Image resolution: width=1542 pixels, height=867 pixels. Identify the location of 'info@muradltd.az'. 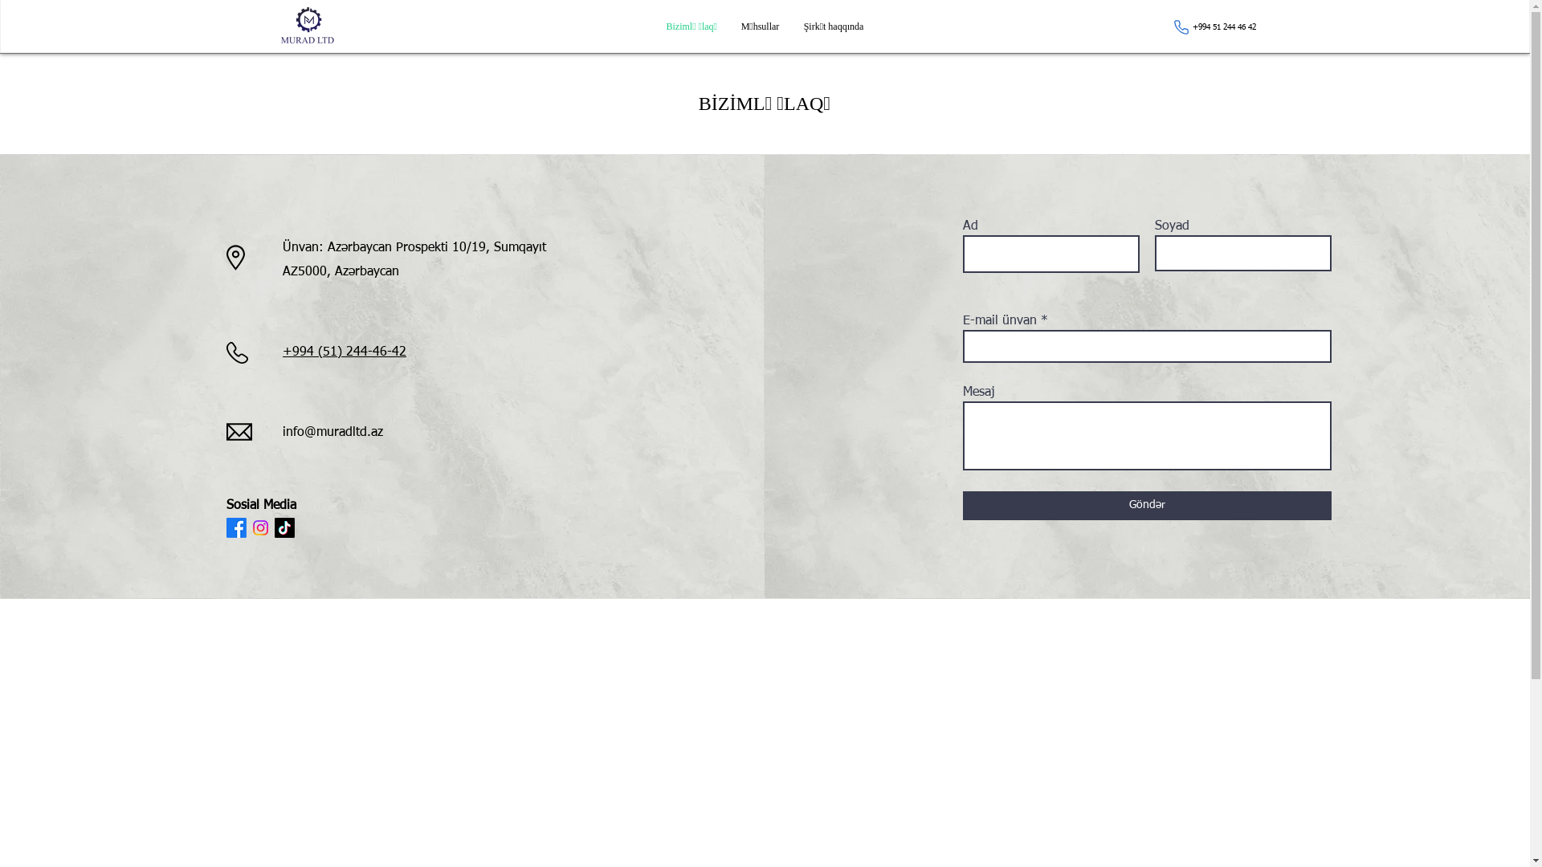
(332, 432).